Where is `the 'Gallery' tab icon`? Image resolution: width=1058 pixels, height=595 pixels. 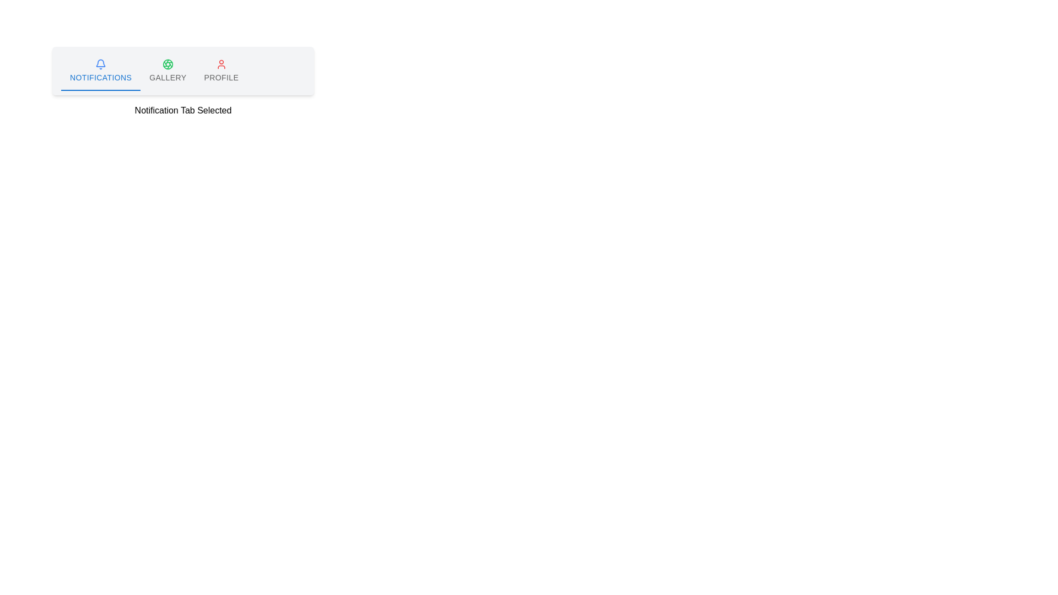 the 'Gallery' tab icon is located at coordinates (167, 64).